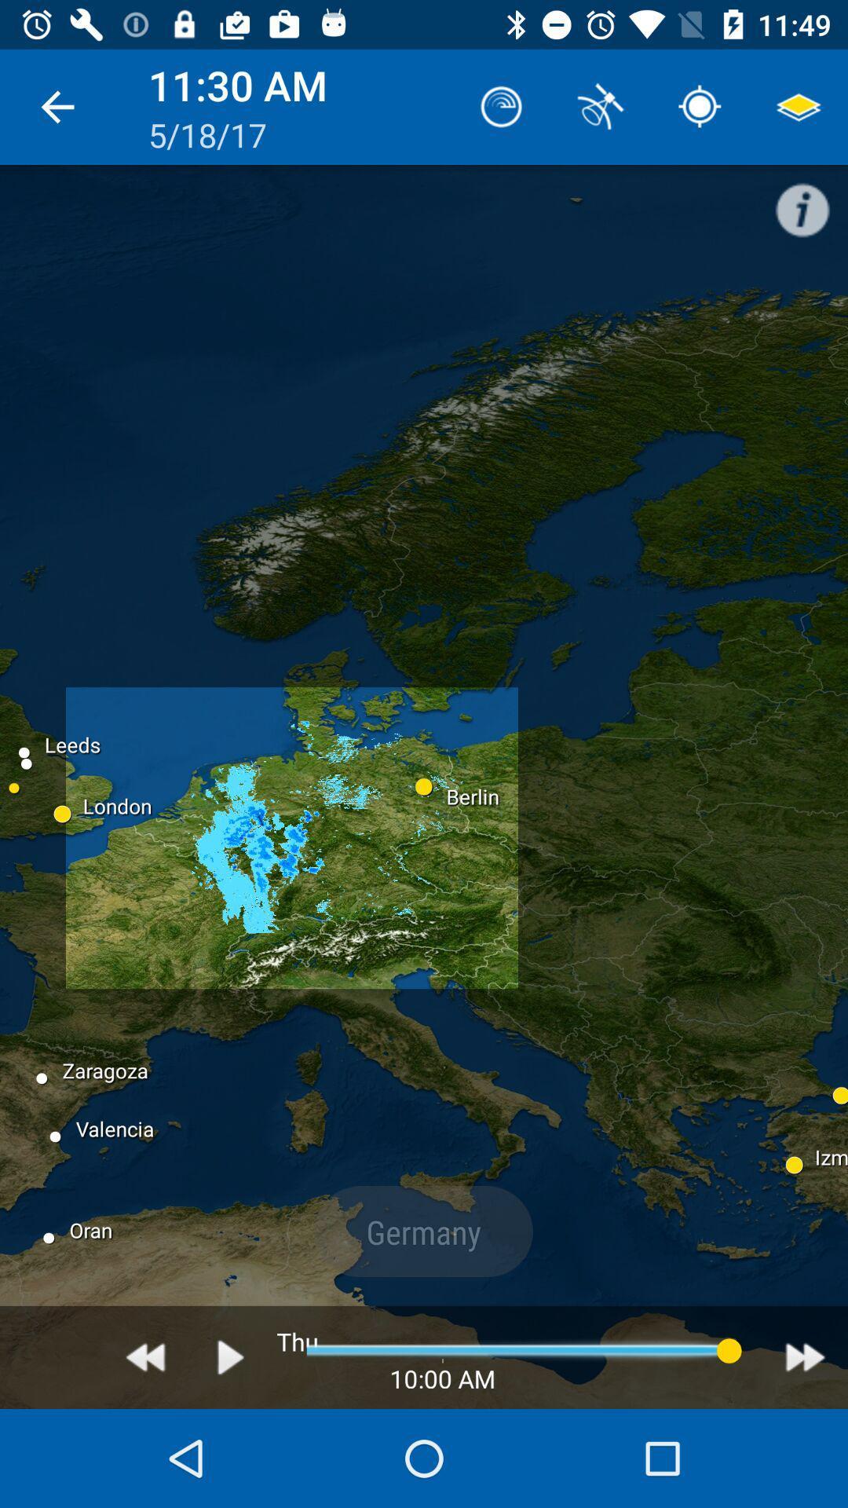  Describe the element at coordinates (57, 106) in the screenshot. I see `item to the left of 11:30 am icon` at that location.